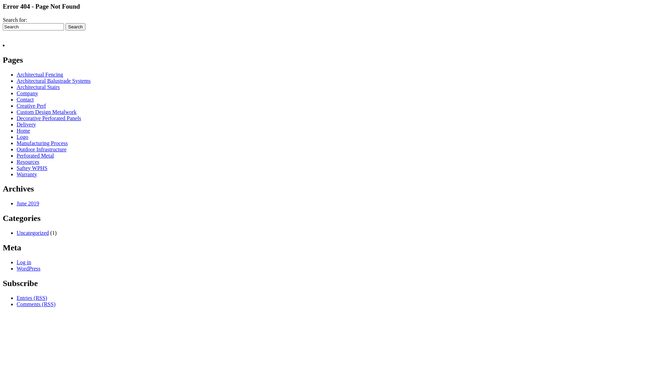 The image size is (664, 374). Describe the element at coordinates (22, 137) in the screenshot. I see `'Logo'` at that location.